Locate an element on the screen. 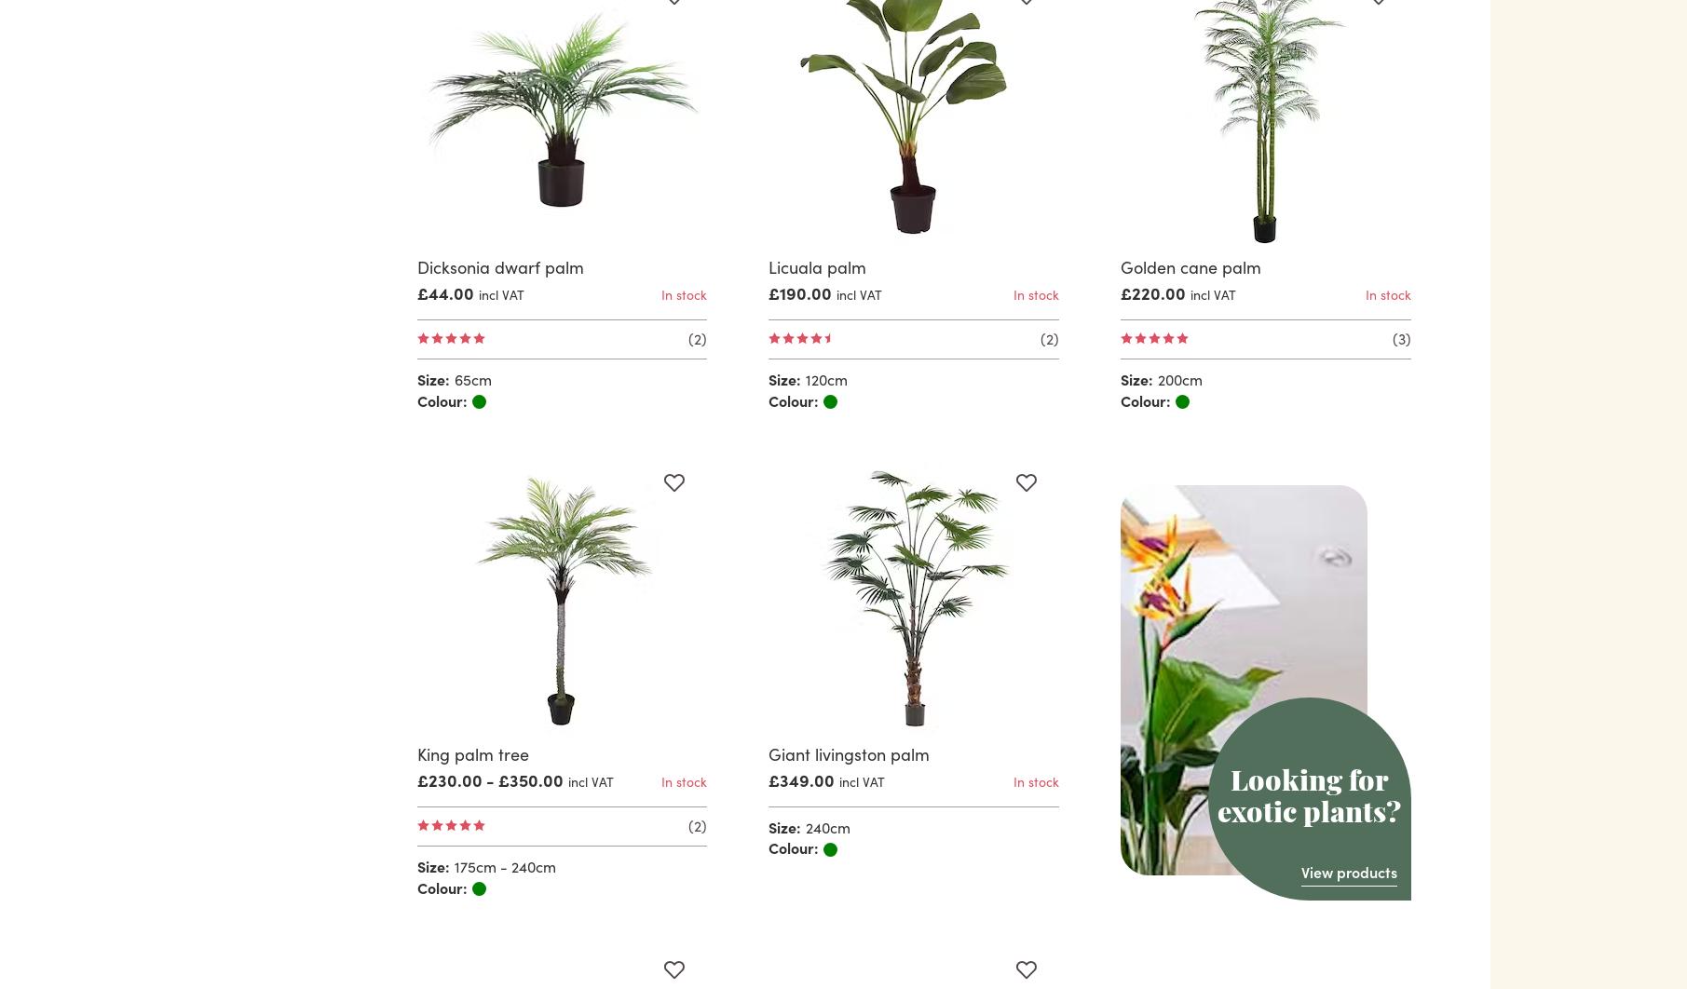  '240cm' is located at coordinates (805, 824).